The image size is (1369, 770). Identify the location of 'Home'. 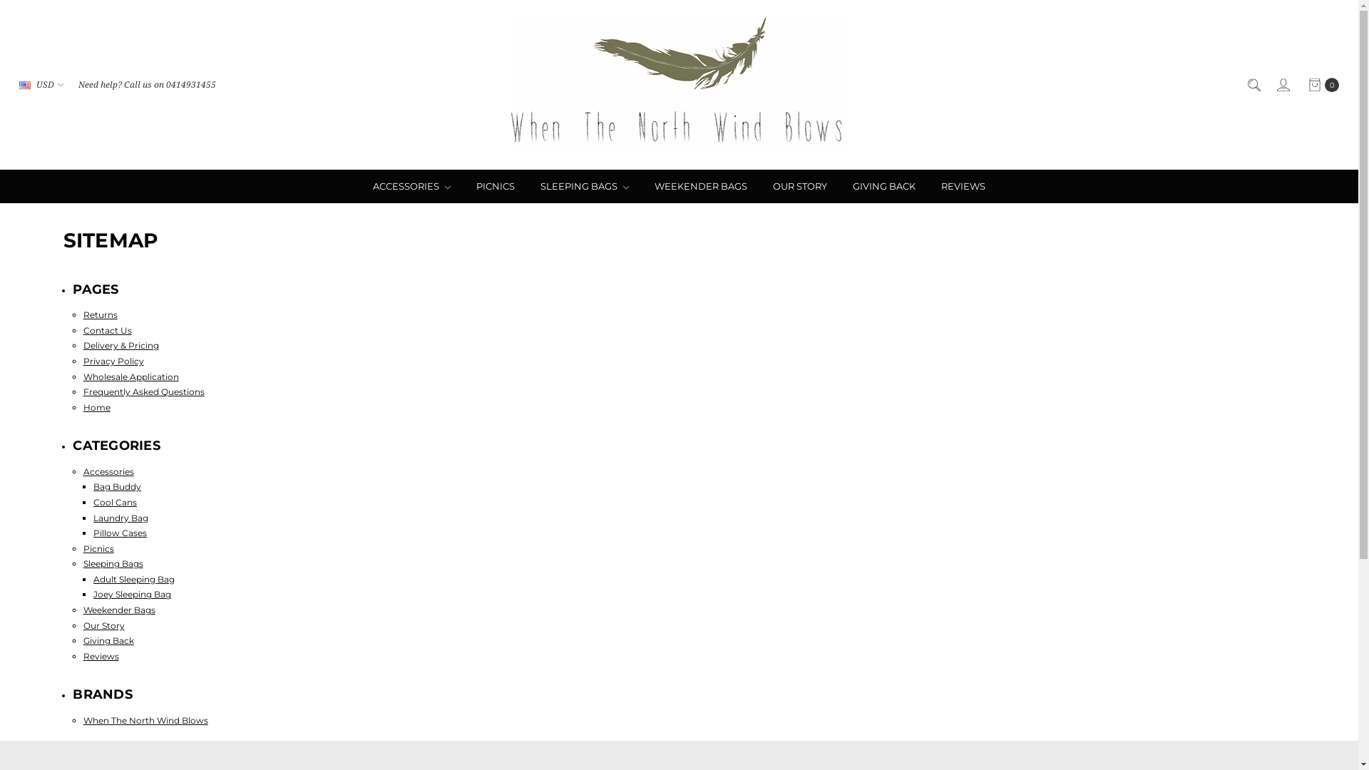
(96, 407).